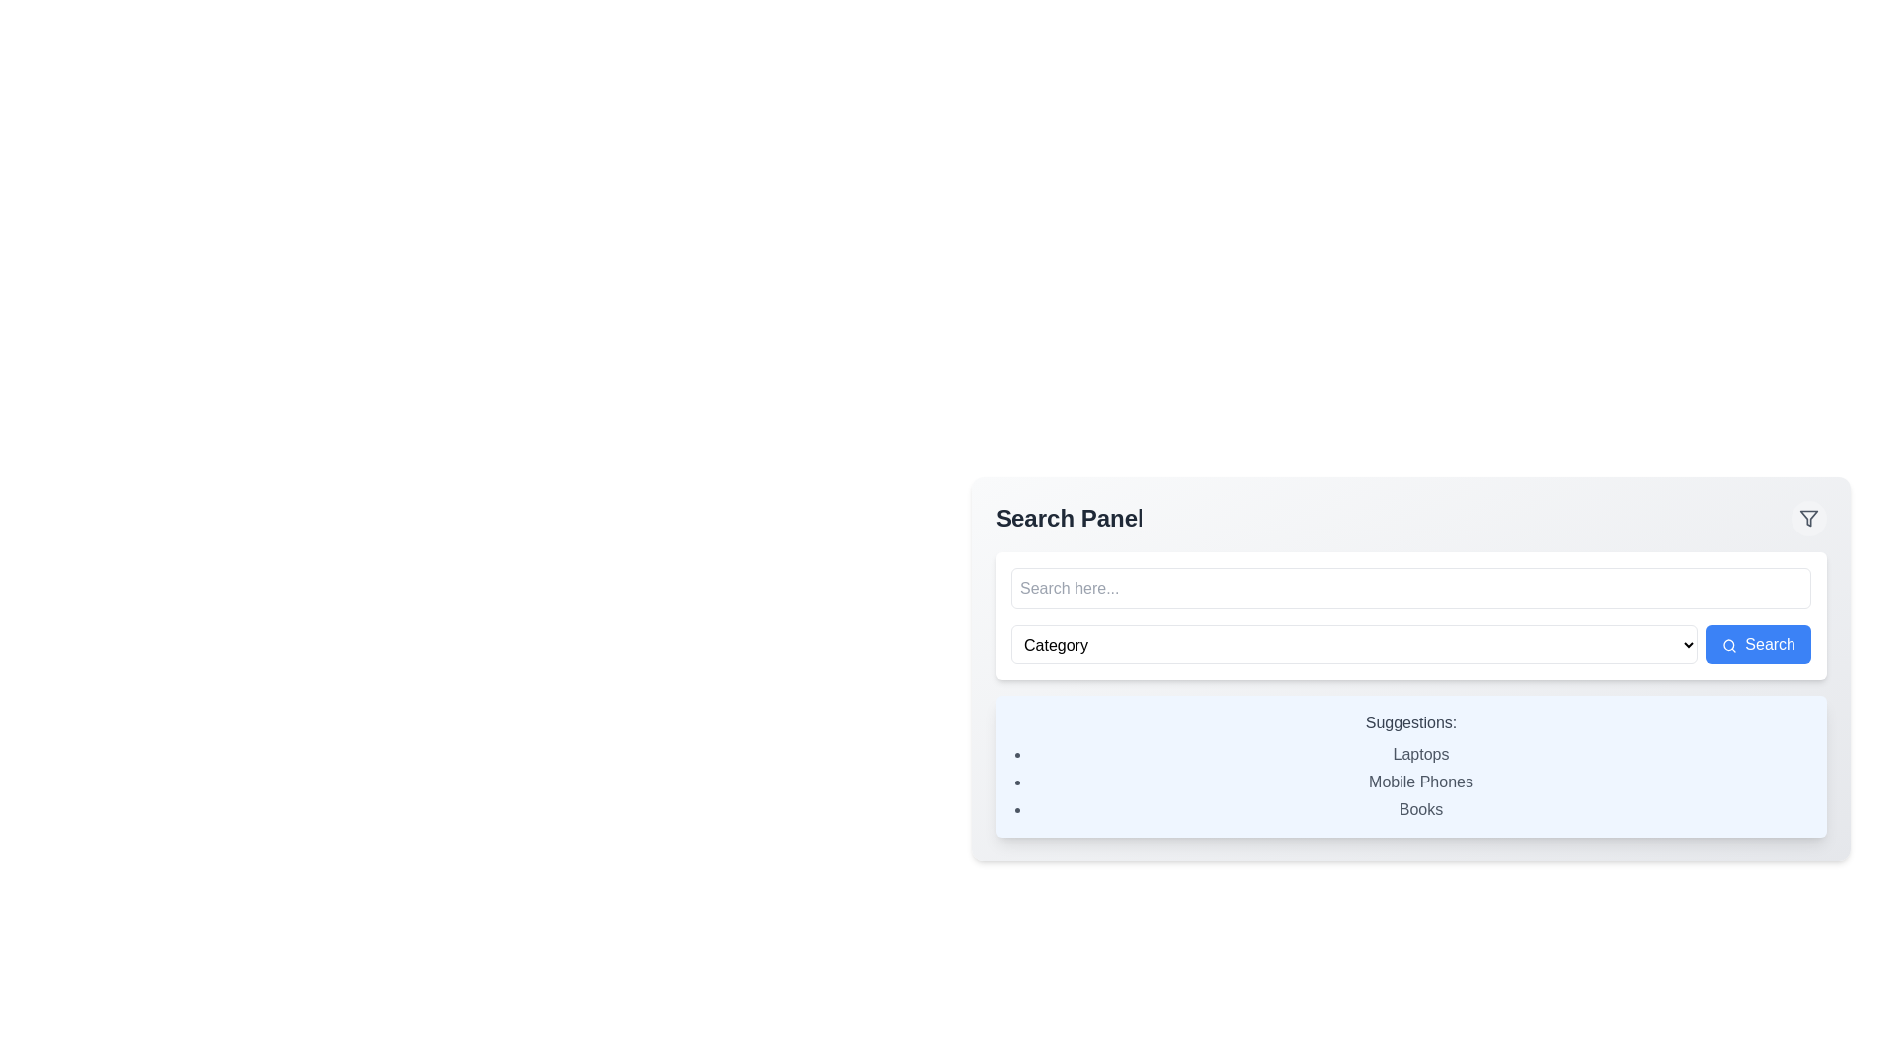 The height and width of the screenshot is (1063, 1891). I want to click on the 'Search' button icon, which serves as a visual indicator for the search function located on the right side of the input fields in the 'Search Panel' section, so click(1728, 645).